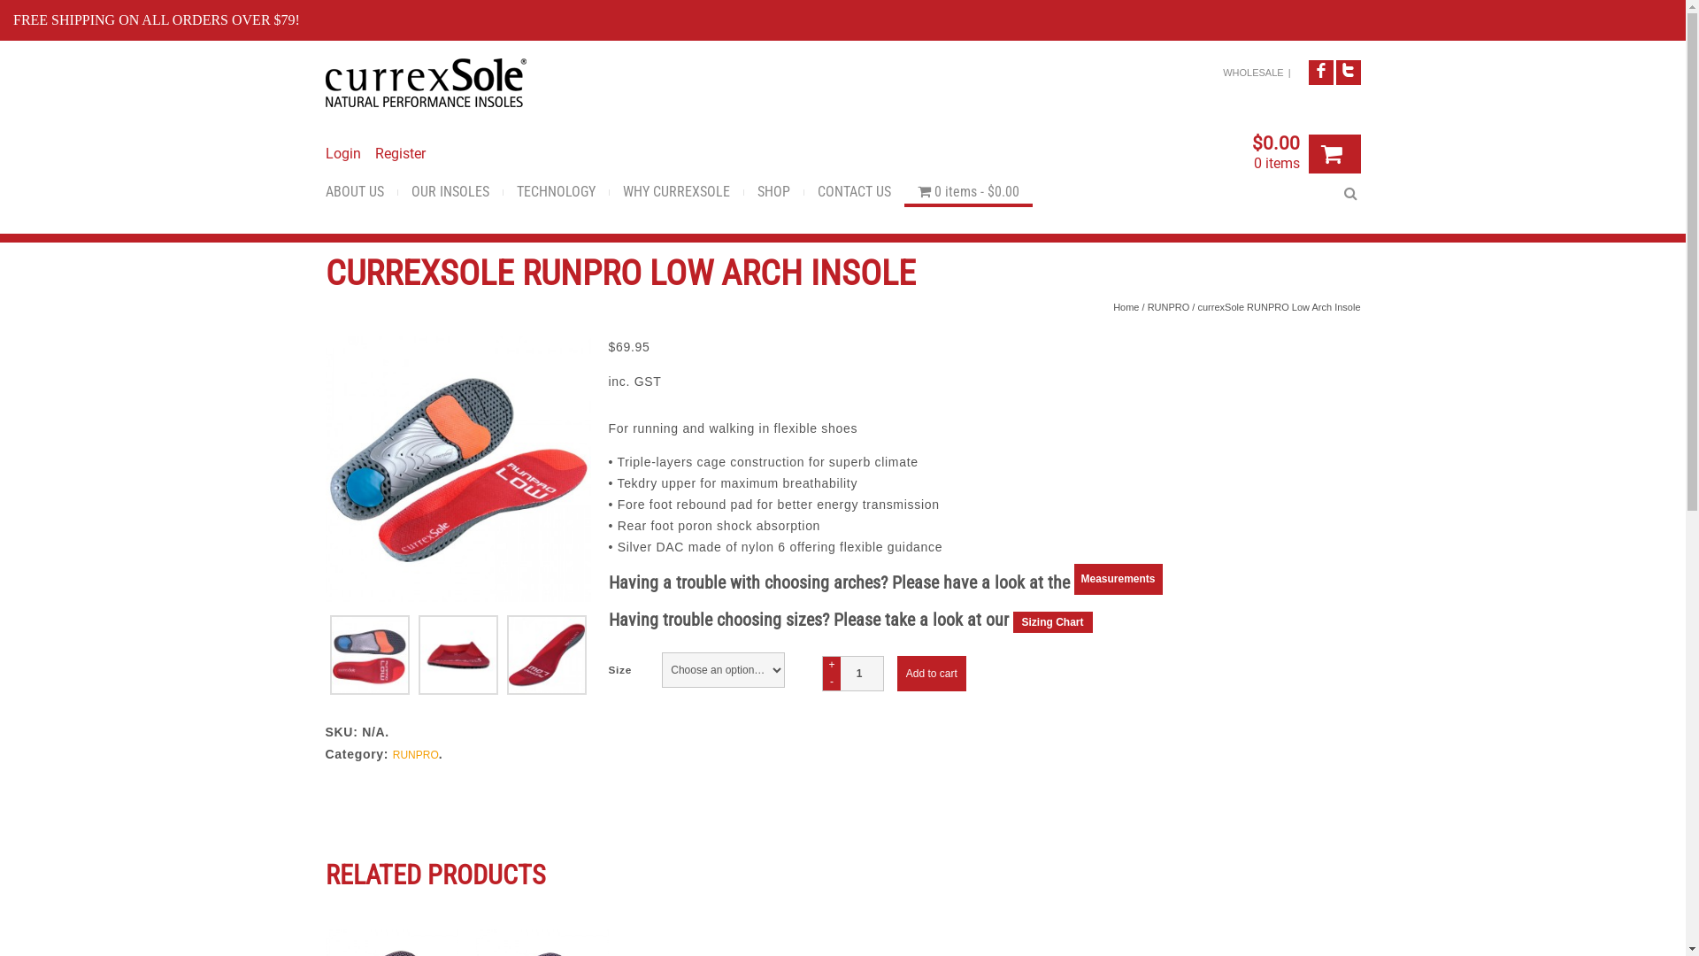  What do you see at coordinates (1274, 156) in the screenshot?
I see `'$0.00` at bounding box center [1274, 156].